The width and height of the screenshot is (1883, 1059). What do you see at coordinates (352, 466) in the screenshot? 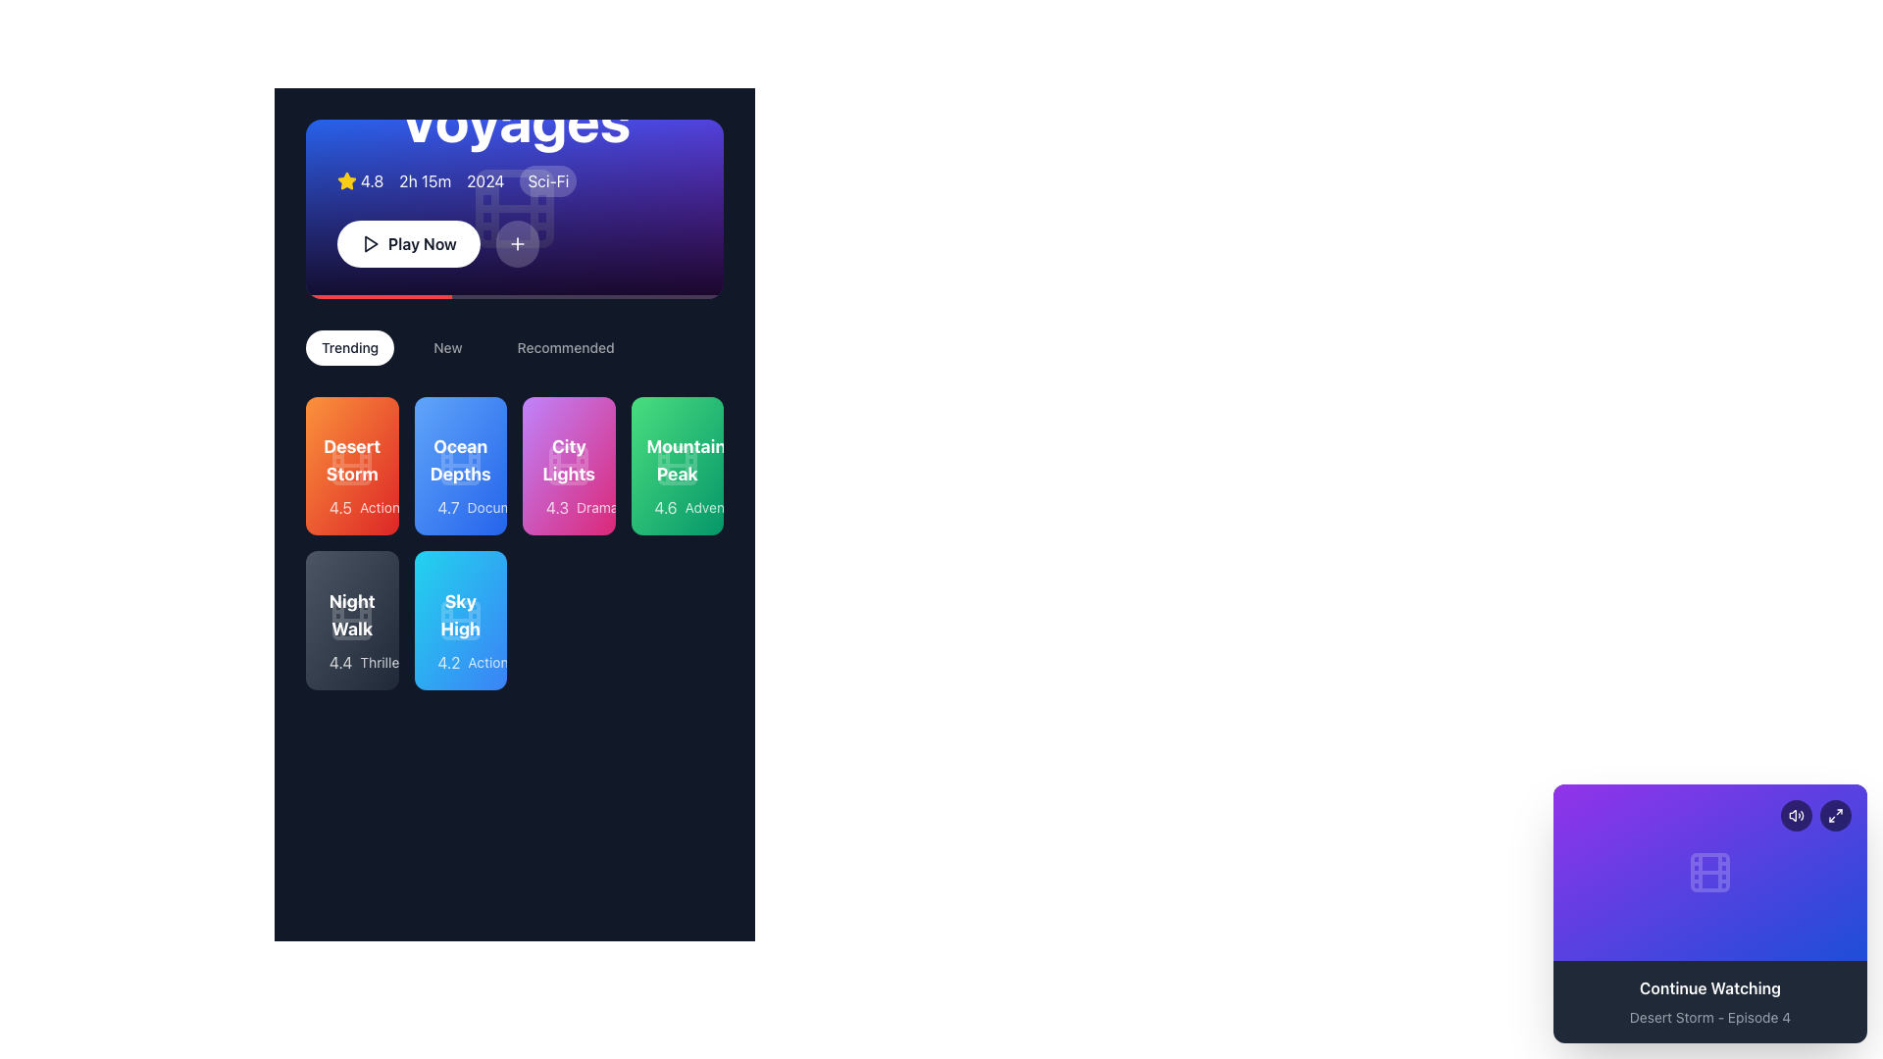
I see `the film icon within the top-left orange card labeled 'Desert Storm' under the 'Trending' category` at bounding box center [352, 466].